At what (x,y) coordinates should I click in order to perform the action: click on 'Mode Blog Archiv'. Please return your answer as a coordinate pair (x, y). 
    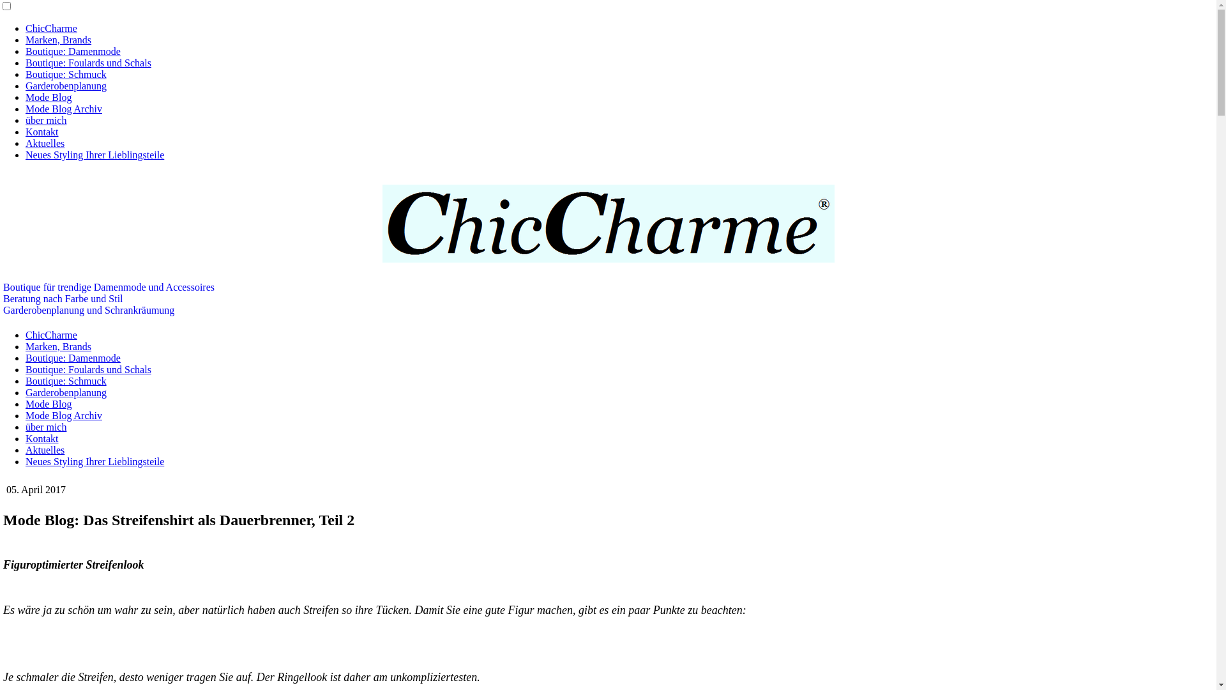
    Looking at the image, I should click on (25, 415).